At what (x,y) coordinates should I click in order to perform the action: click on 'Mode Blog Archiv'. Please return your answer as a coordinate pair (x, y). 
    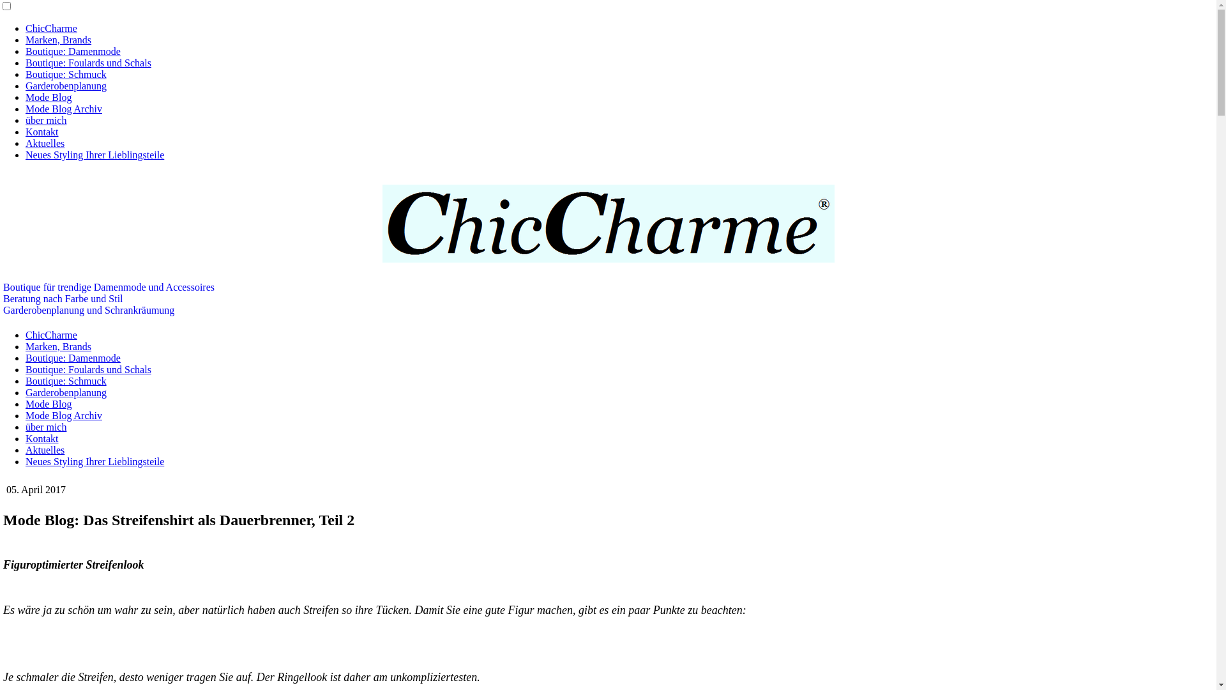
    Looking at the image, I should click on (25, 415).